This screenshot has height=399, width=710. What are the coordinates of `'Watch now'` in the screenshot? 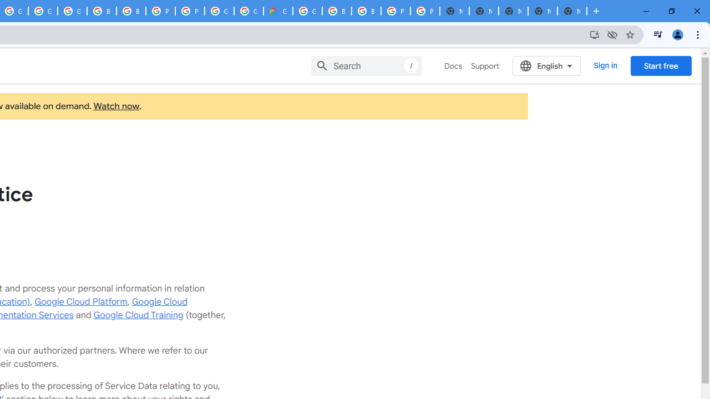 It's located at (116, 106).